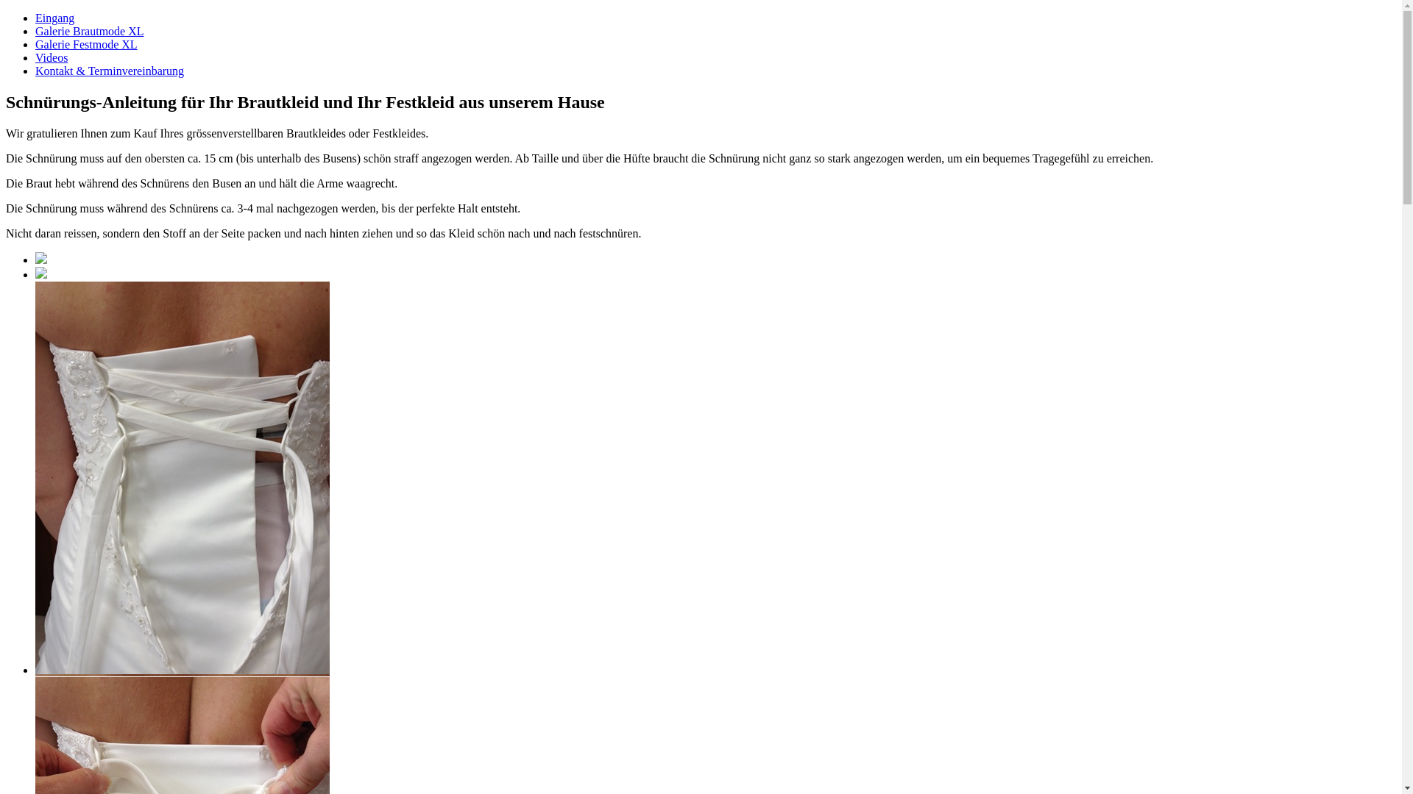 This screenshot has height=794, width=1413. What do you see at coordinates (54, 18) in the screenshot?
I see `'Eingang'` at bounding box center [54, 18].